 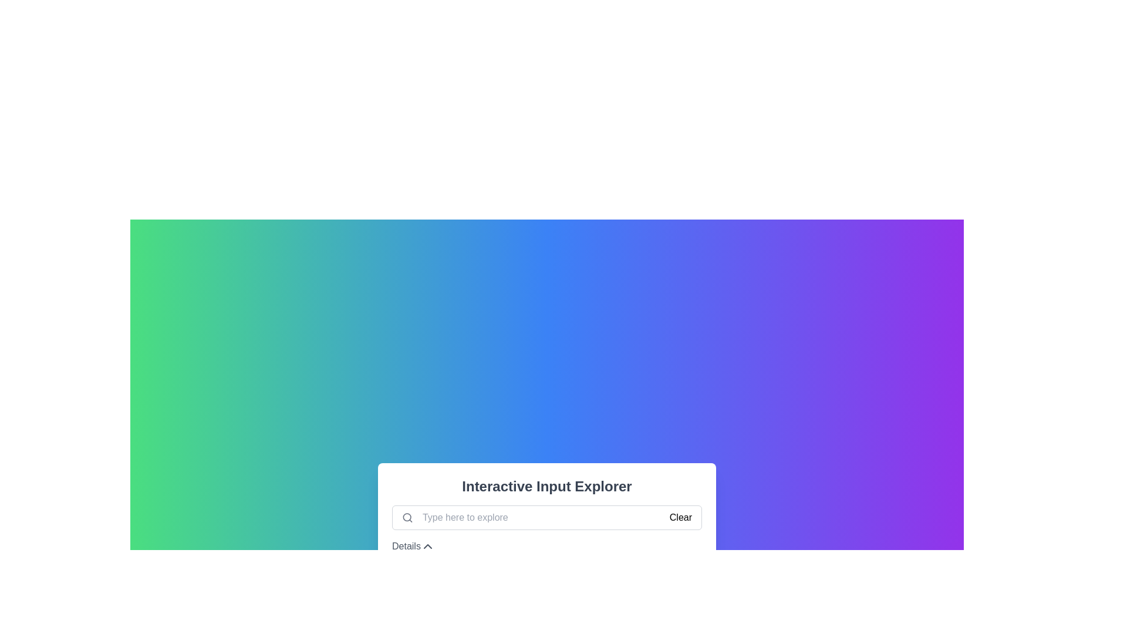 What do you see at coordinates (680, 517) in the screenshot?
I see `the clear button located to the right of the 'Type here` at bounding box center [680, 517].